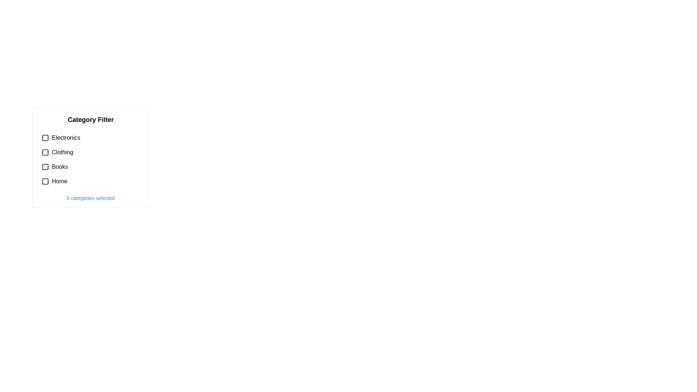  I want to click on the checkbox for the 'Home' category in the 'Category Filter' section, which is a square with rounded corners located to the left of the 'Home' label, so click(45, 181).